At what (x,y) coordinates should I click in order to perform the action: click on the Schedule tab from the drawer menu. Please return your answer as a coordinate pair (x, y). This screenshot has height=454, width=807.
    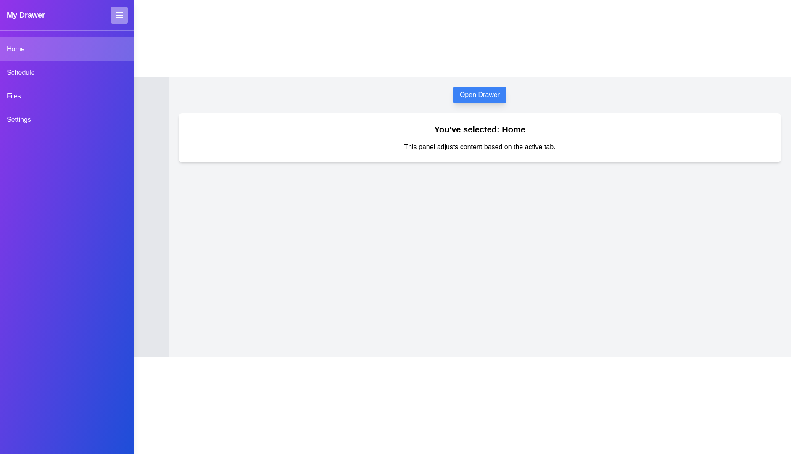
    Looking at the image, I should click on (66, 72).